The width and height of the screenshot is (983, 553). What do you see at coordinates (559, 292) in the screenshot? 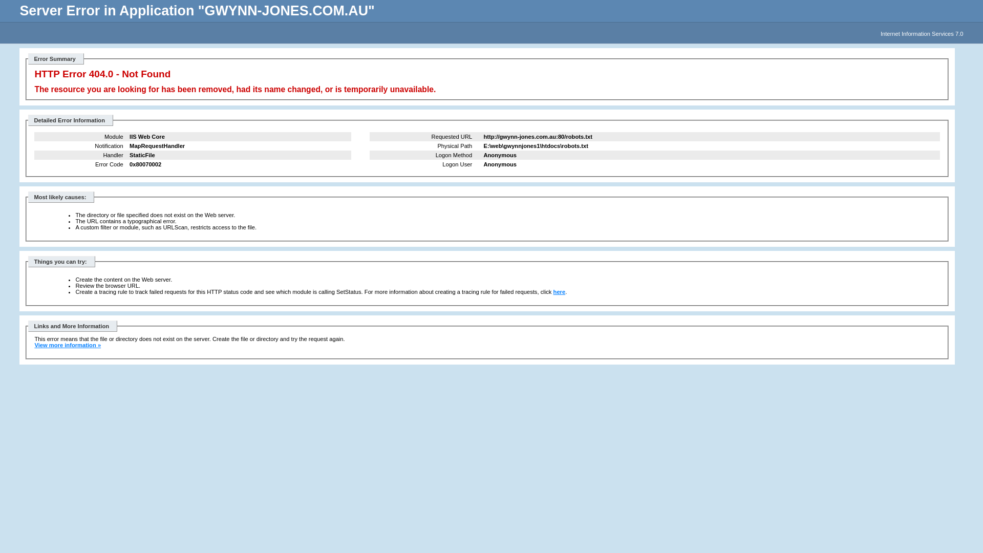
I see `'here'` at bounding box center [559, 292].